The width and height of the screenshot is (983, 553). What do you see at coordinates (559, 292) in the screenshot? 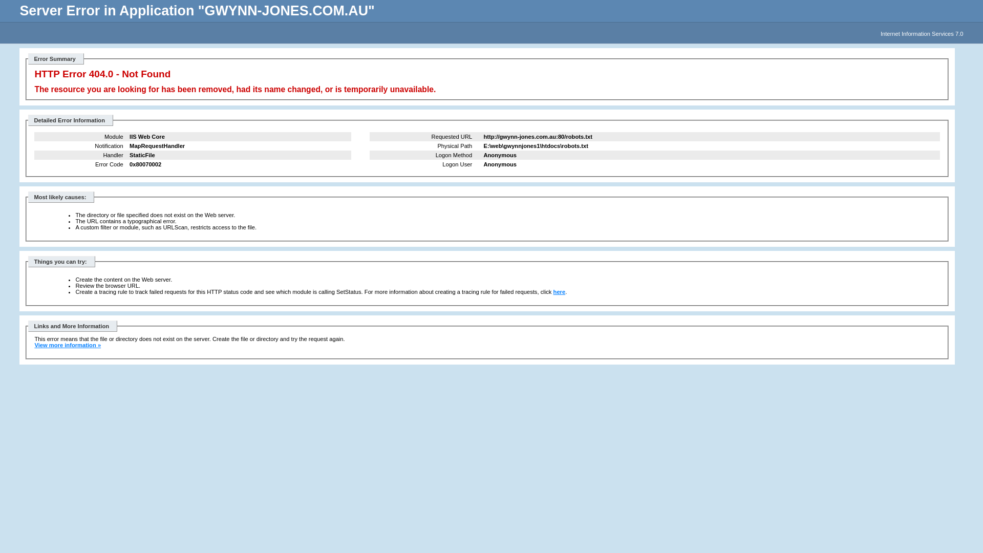
I see `'here'` at bounding box center [559, 292].